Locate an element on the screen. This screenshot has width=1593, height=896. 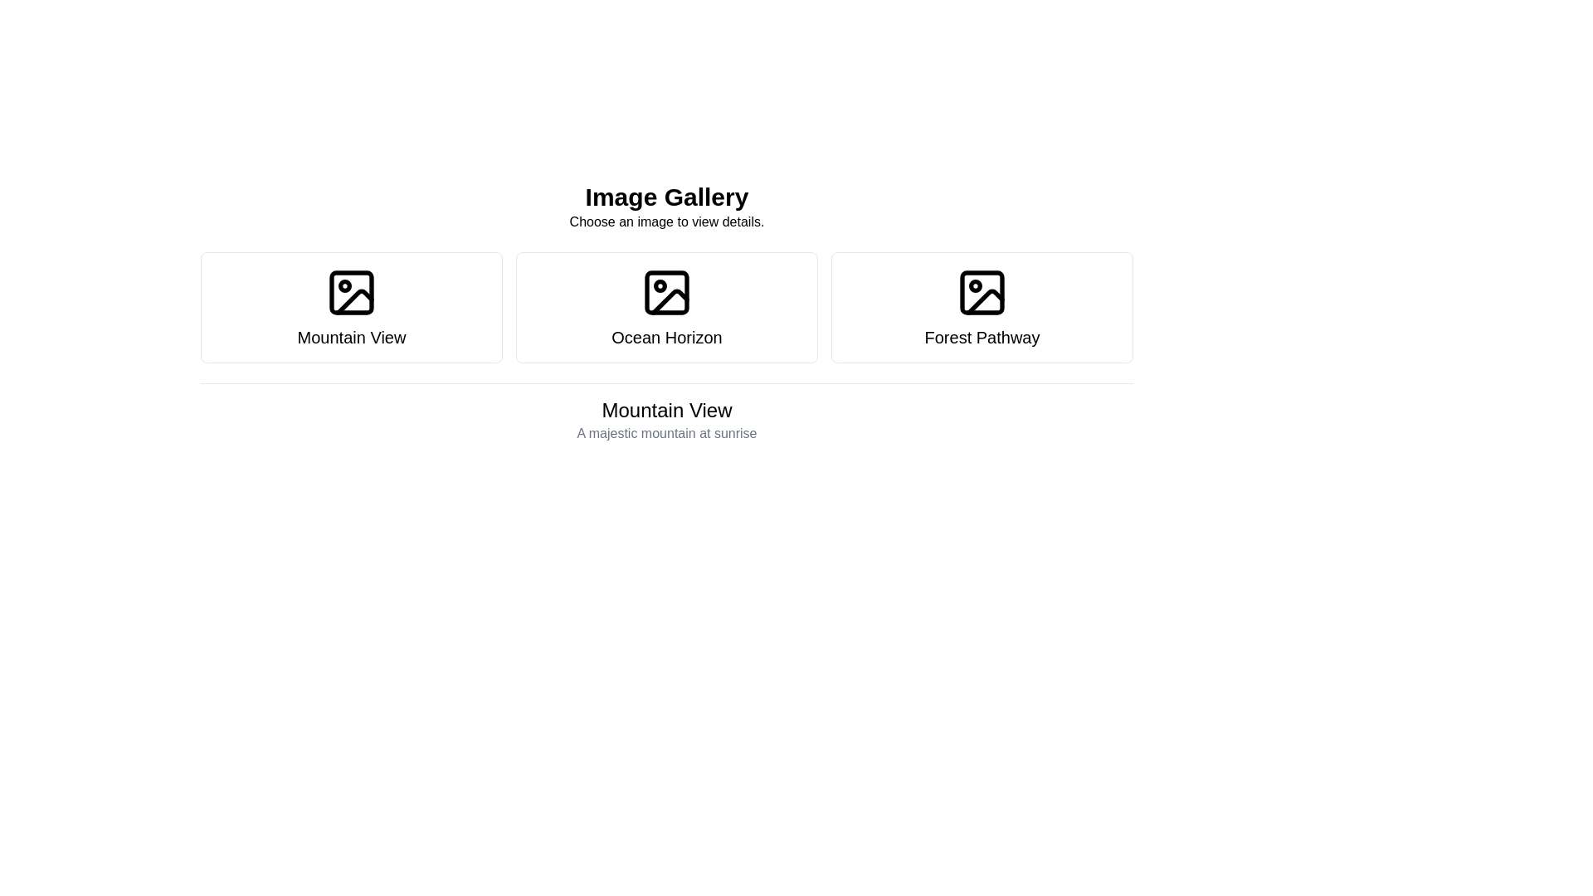
the small decorative circle icon within the larger SVG-based image placeholder in the 'Mountain View' card is located at coordinates (344, 285).